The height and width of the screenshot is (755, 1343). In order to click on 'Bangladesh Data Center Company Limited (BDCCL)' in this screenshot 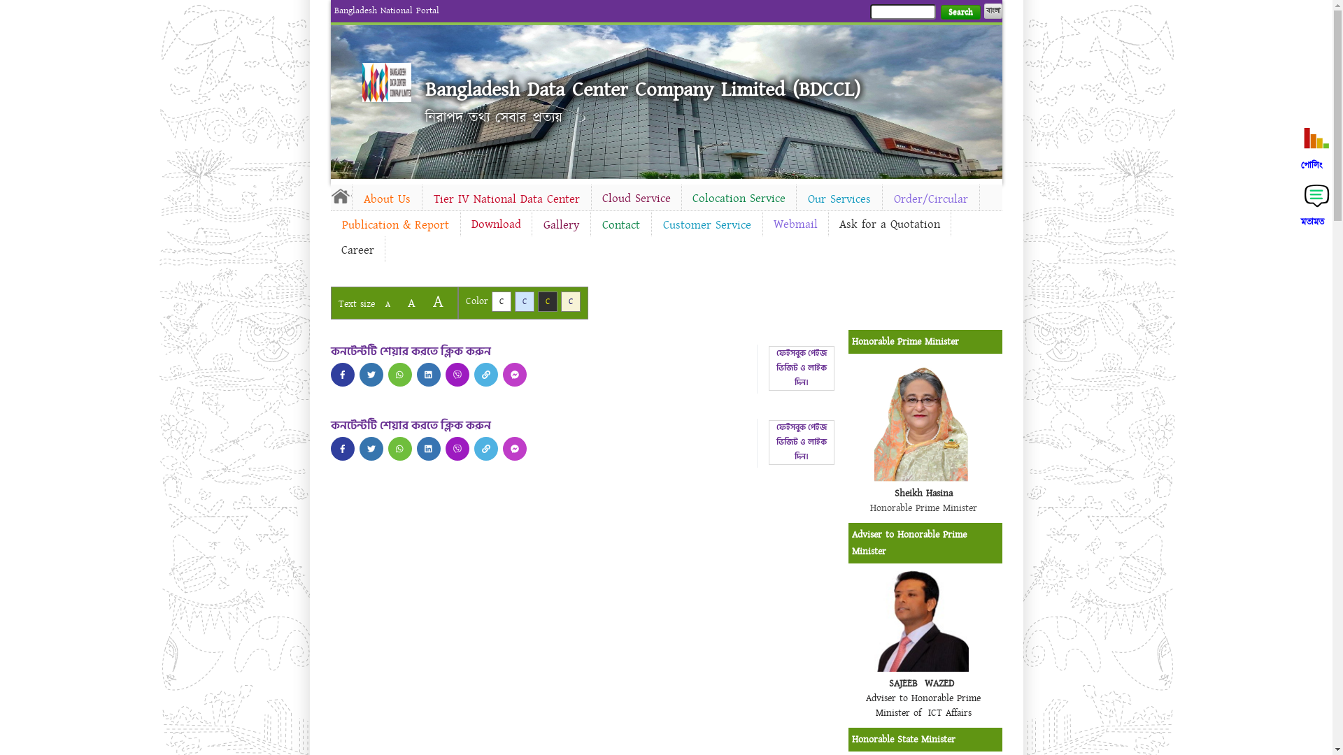, I will do `click(641, 89)`.